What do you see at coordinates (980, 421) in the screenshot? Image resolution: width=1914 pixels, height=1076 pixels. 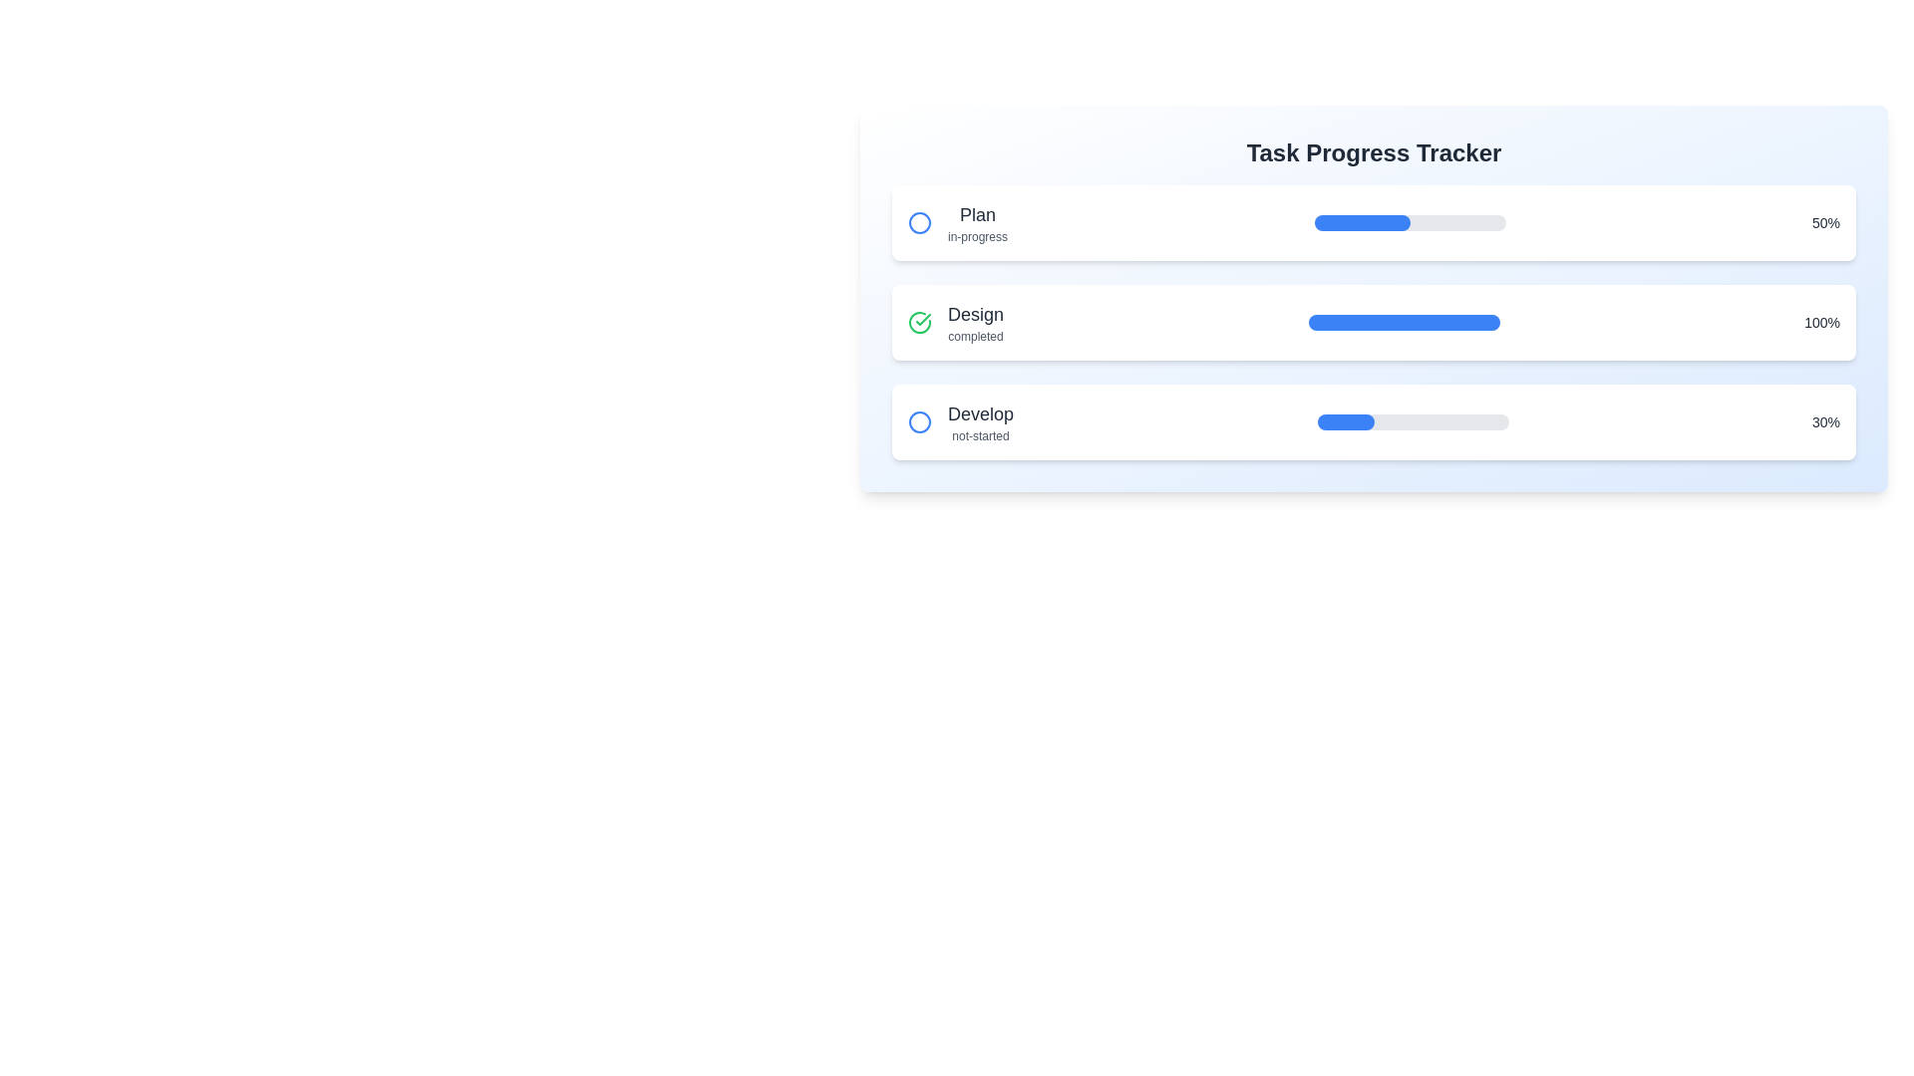 I see `text from the multi-line Text Label displaying 'Develop' and 'not-started' located under the third task in the 'Task Progress Tracker' list` at bounding box center [980, 421].